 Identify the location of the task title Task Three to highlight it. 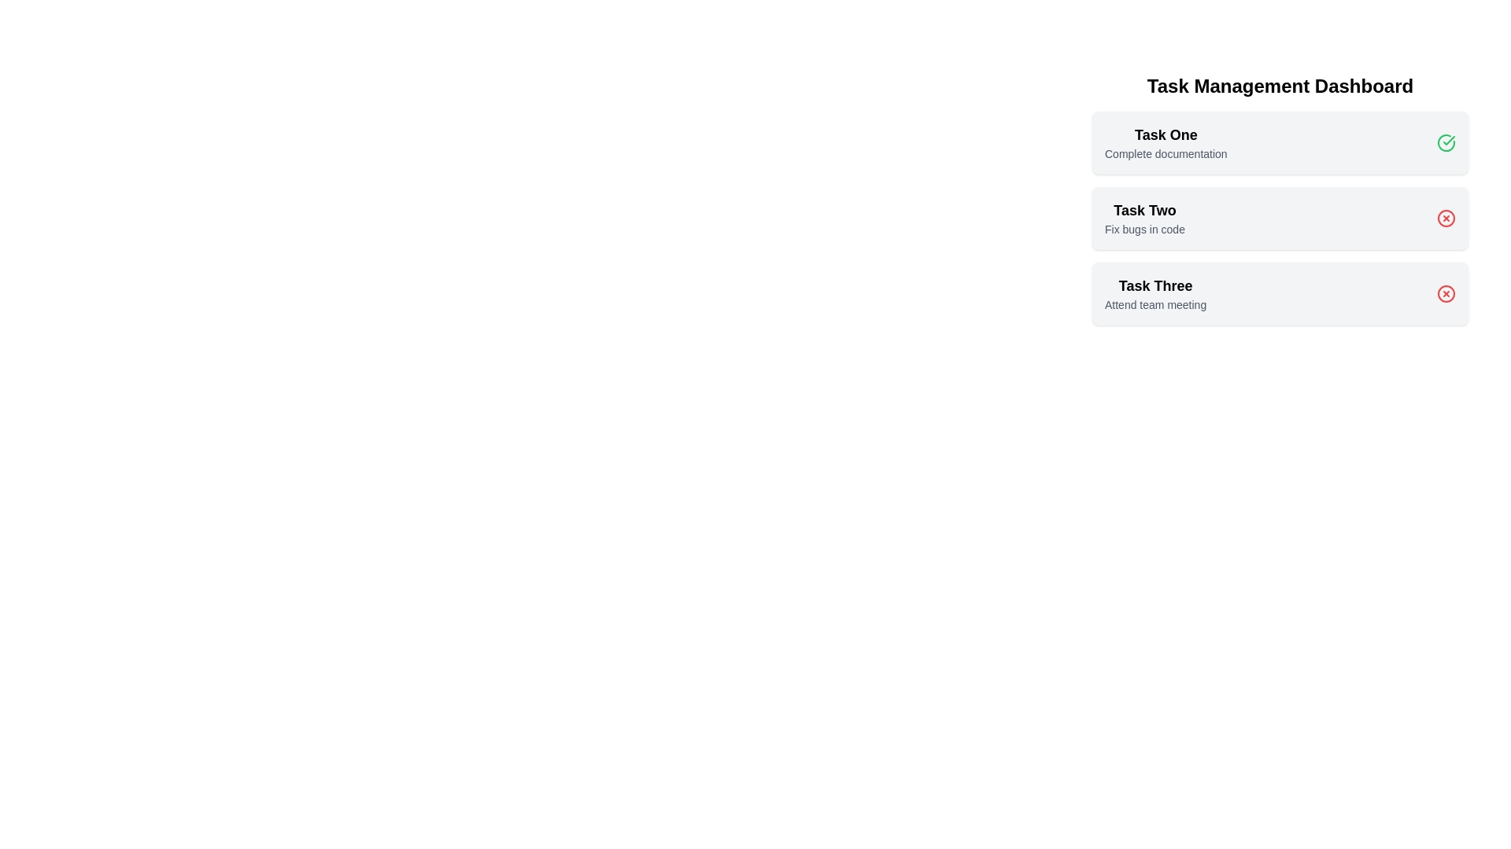
(1155, 285).